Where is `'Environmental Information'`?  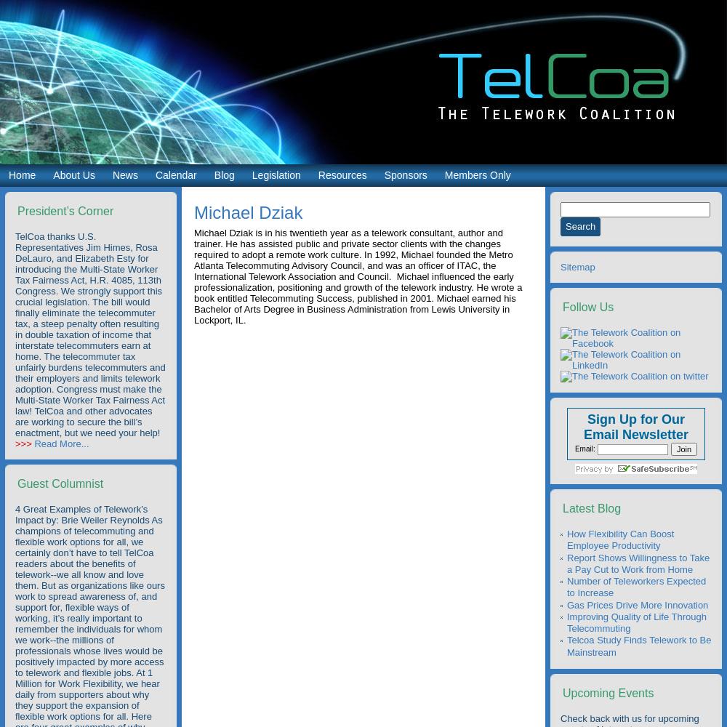 'Environmental Information' is located at coordinates (373, 286).